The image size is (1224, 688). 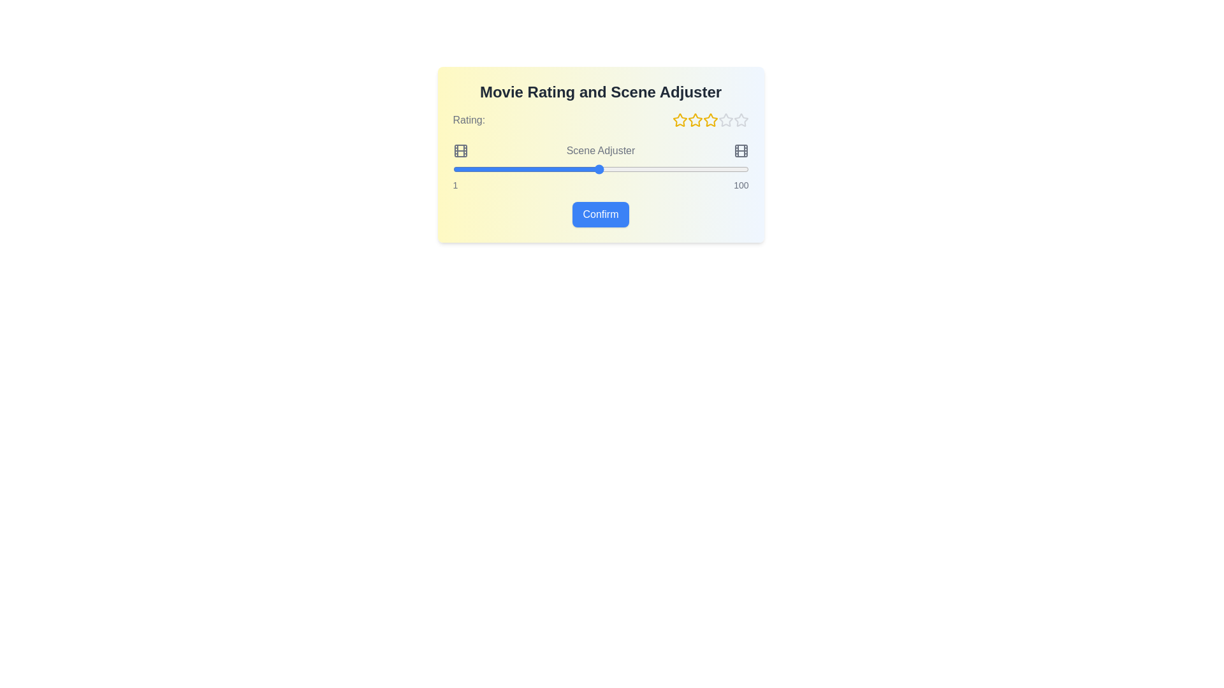 I want to click on the star corresponding to the desired rating of 2 stars, so click(x=694, y=120).